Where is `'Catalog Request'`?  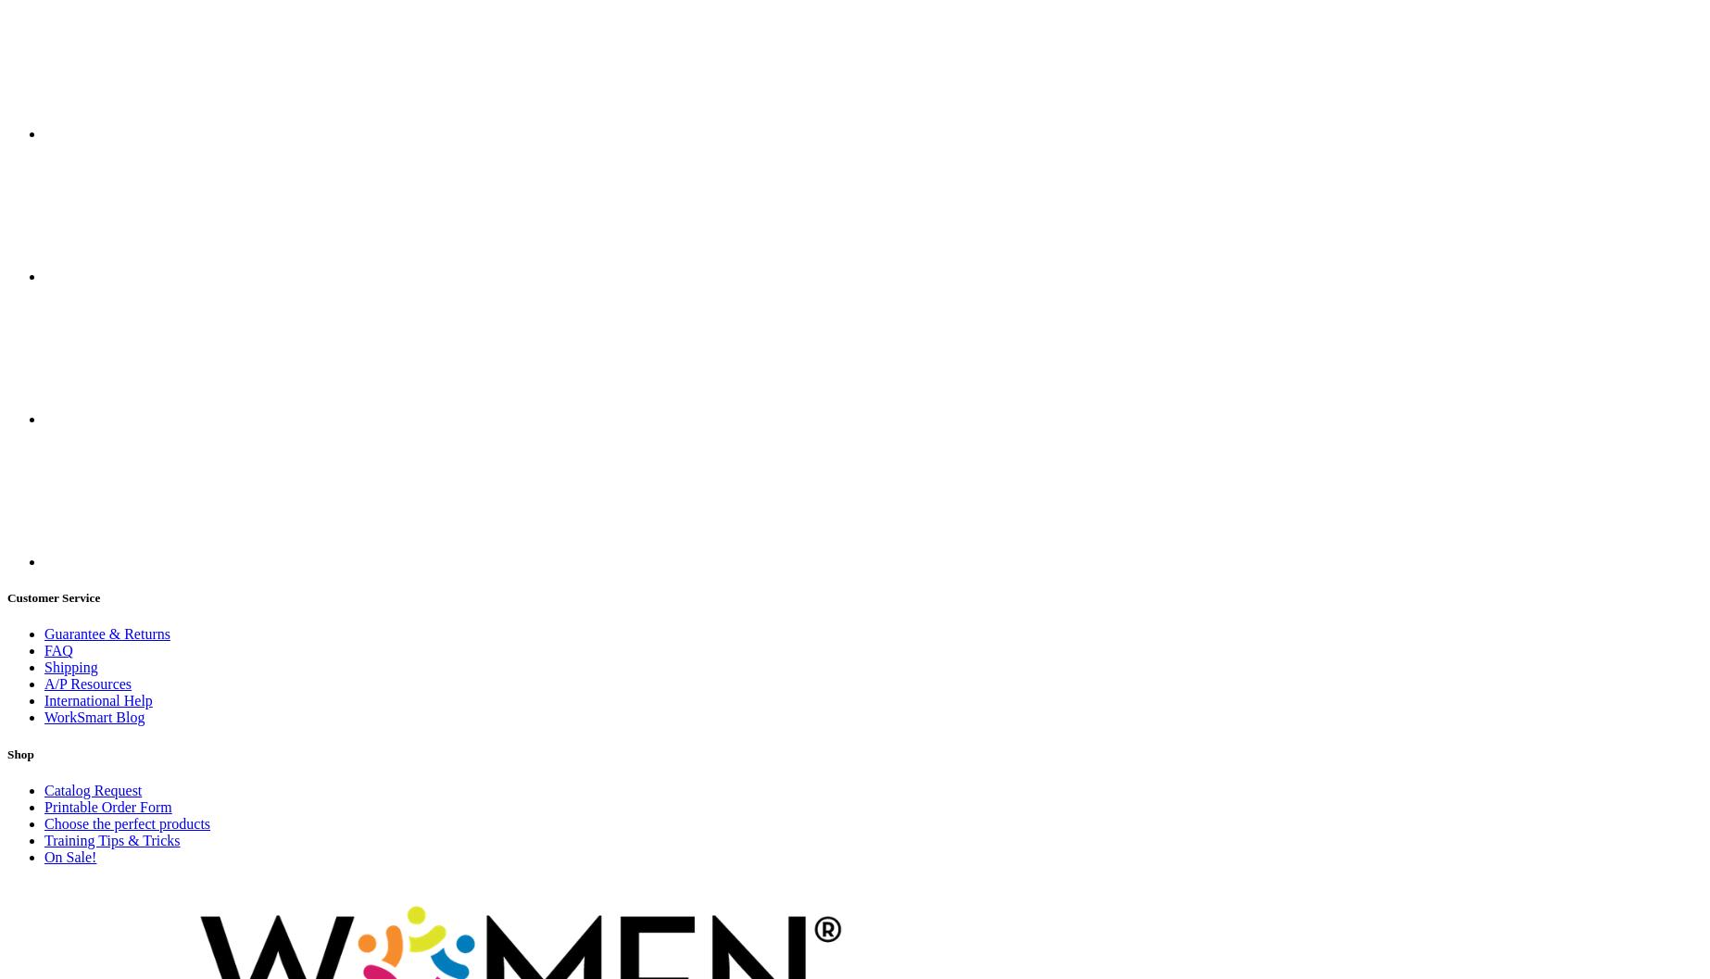
'Catalog Request' is located at coordinates (93, 788).